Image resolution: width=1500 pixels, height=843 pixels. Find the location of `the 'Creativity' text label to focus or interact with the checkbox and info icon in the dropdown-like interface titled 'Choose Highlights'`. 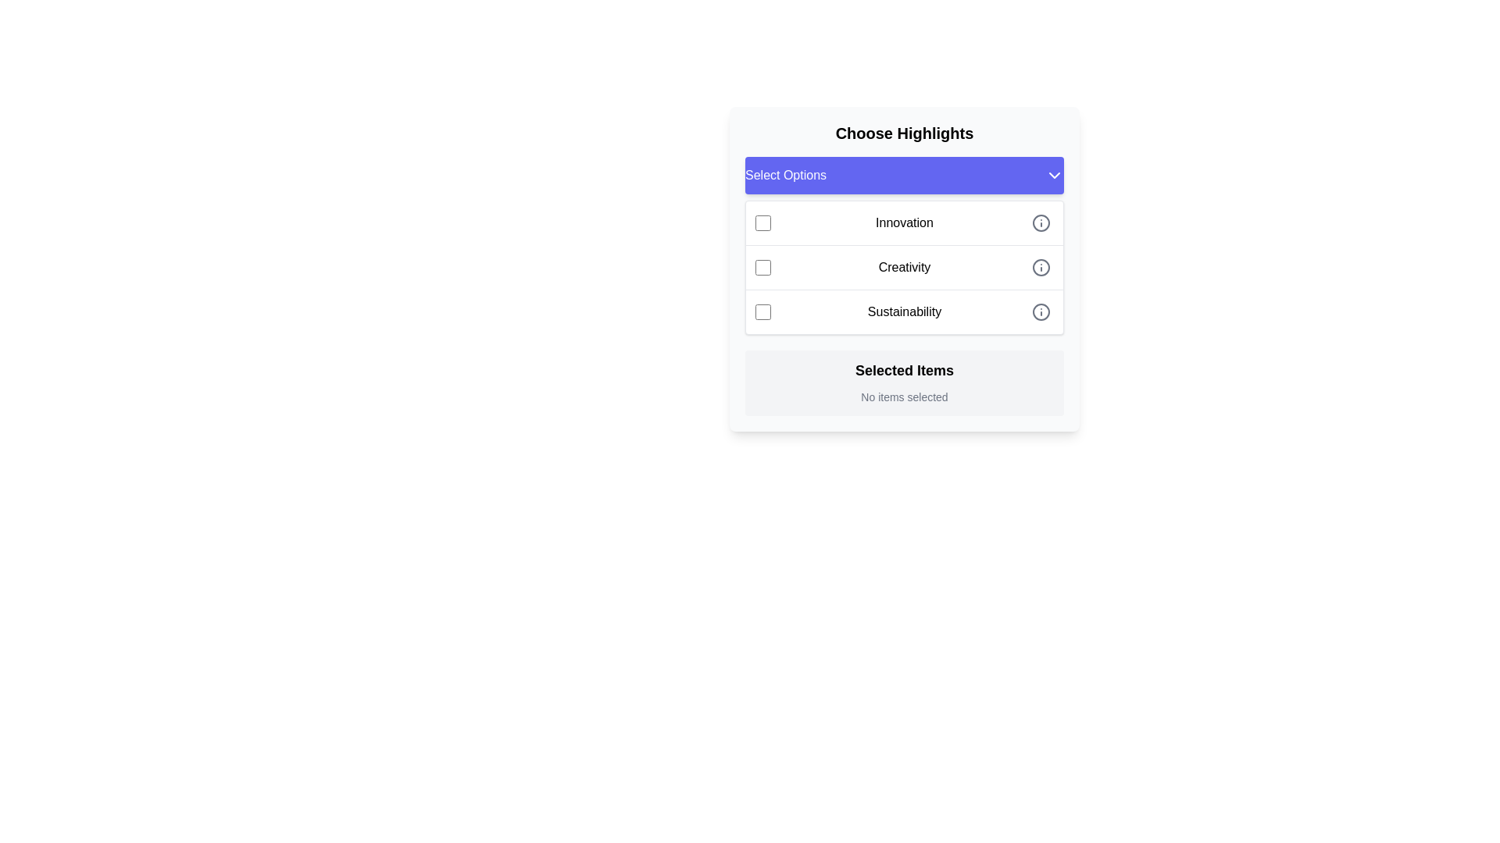

the 'Creativity' text label to focus or interact with the checkbox and info icon in the dropdown-like interface titled 'Choose Highlights' is located at coordinates (904, 267).